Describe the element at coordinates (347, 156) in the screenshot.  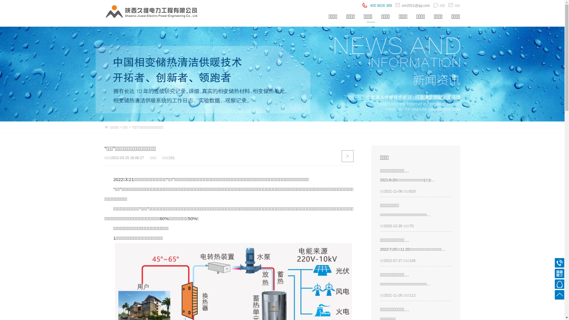
I see `'>'` at that location.